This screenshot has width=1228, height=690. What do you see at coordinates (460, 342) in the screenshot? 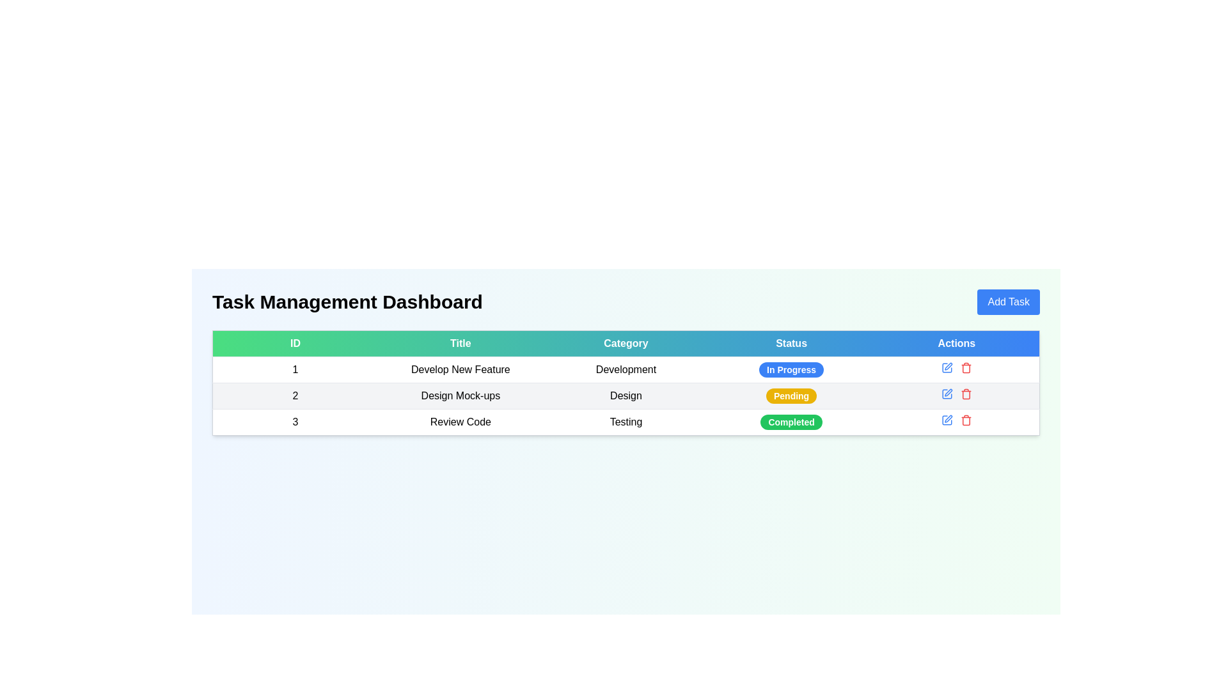
I see `the 'Title' text label, which is the second column header in the table, styled with white text on a gradient background from green to blue` at bounding box center [460, 342].